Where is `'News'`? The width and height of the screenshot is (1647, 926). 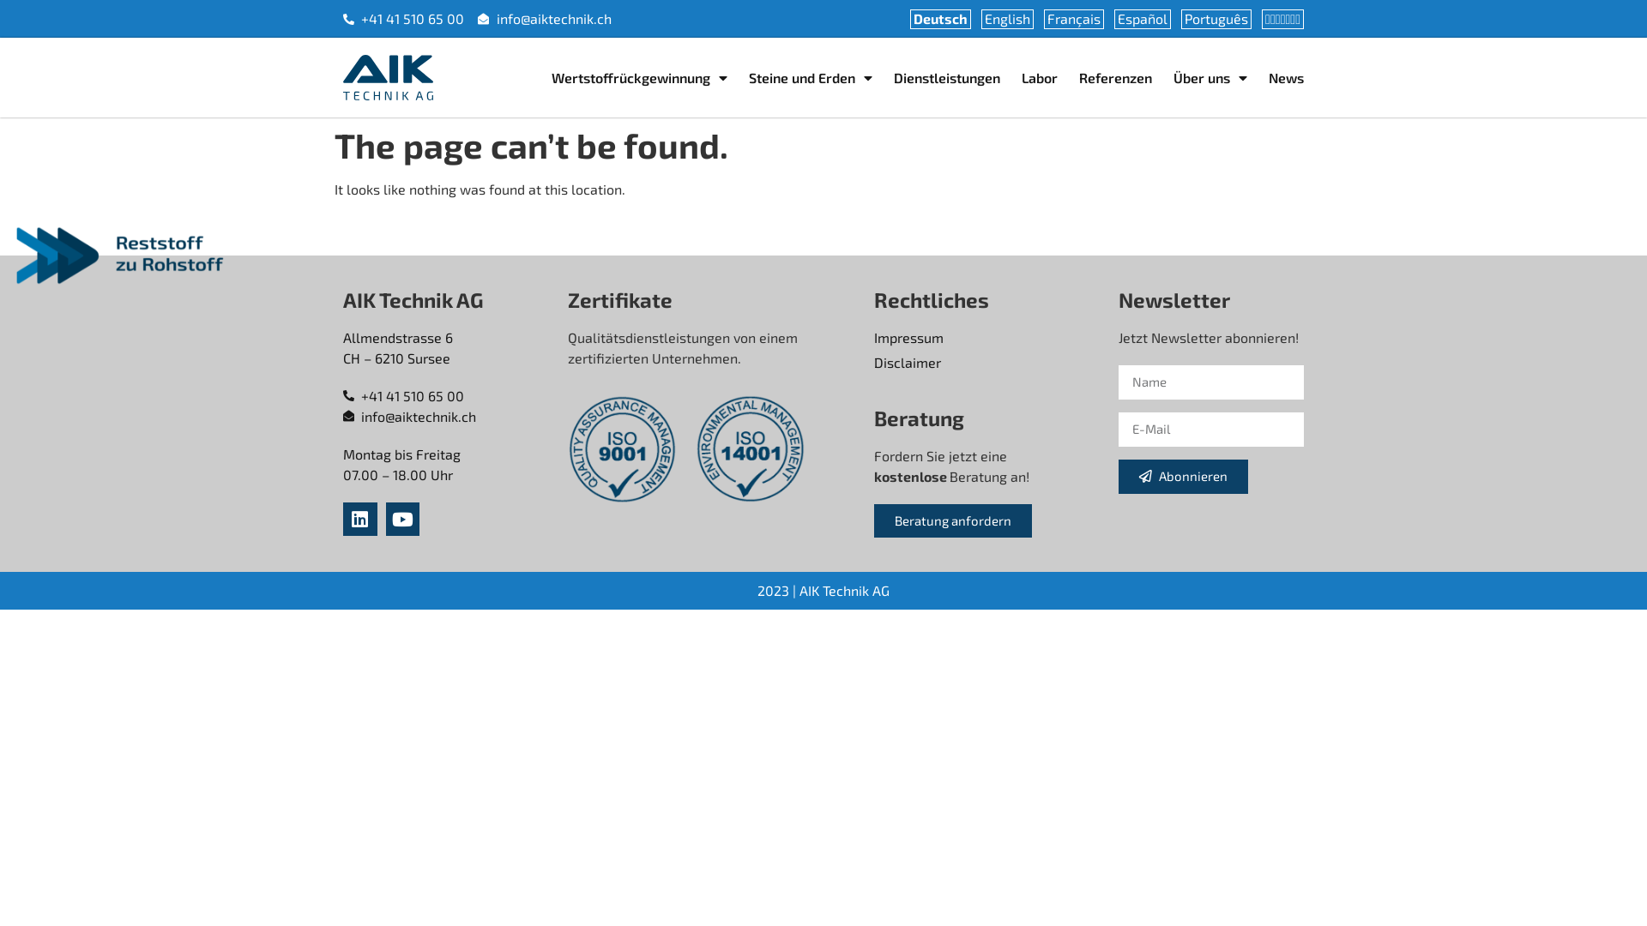
'News' is located at coordinates (1286, 78).